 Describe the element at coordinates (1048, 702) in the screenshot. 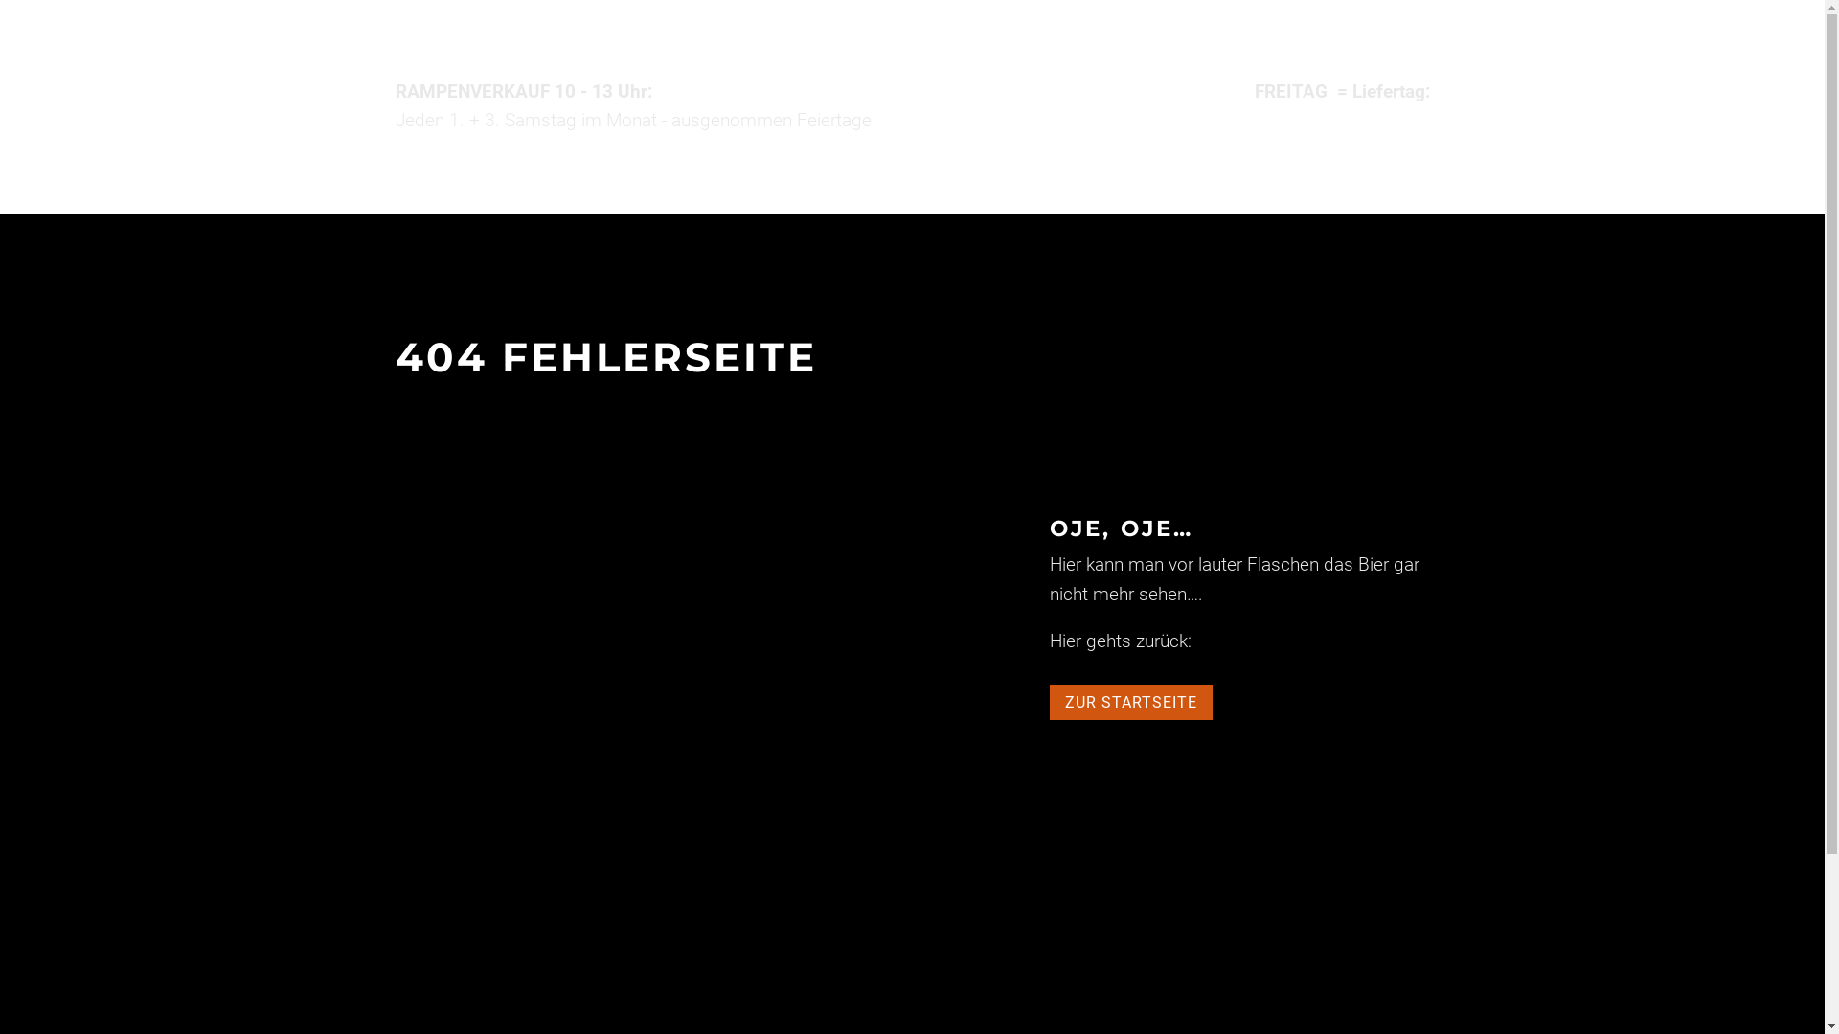

I see `'ZUR STARTSEITE'` at that location.